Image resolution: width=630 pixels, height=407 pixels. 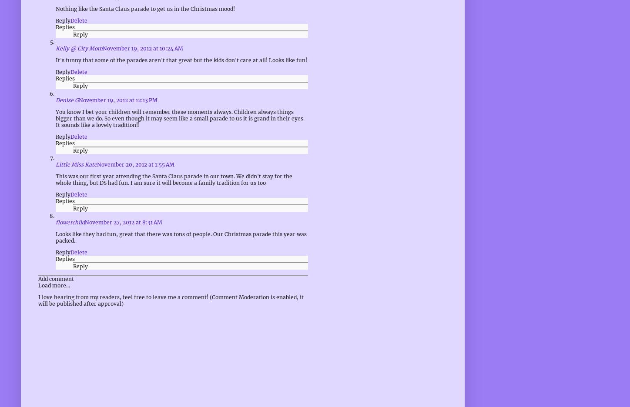 What do you see at coordinates (55, 179) in the screenshot?
I see `'This was our first year attending the Santa Claus parade in our town.  We didn't stay for the whole thing, but DS had fun.  I am sure it will become a family tradition for us too'` at bounding box center [55, 179].